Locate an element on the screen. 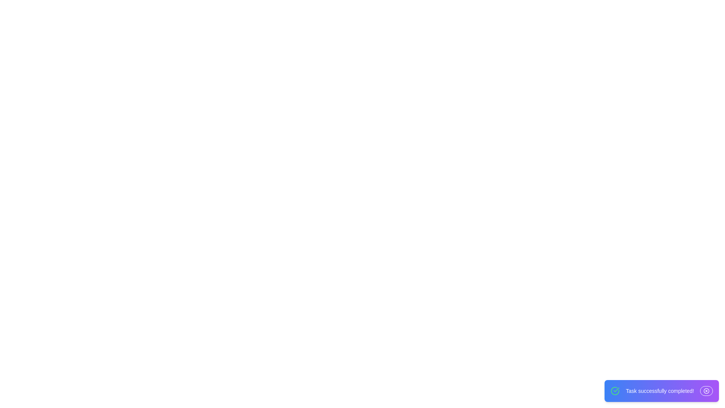  the dismiss button located at the bottom-right corner of the interface is located at coordinates (706, 391).